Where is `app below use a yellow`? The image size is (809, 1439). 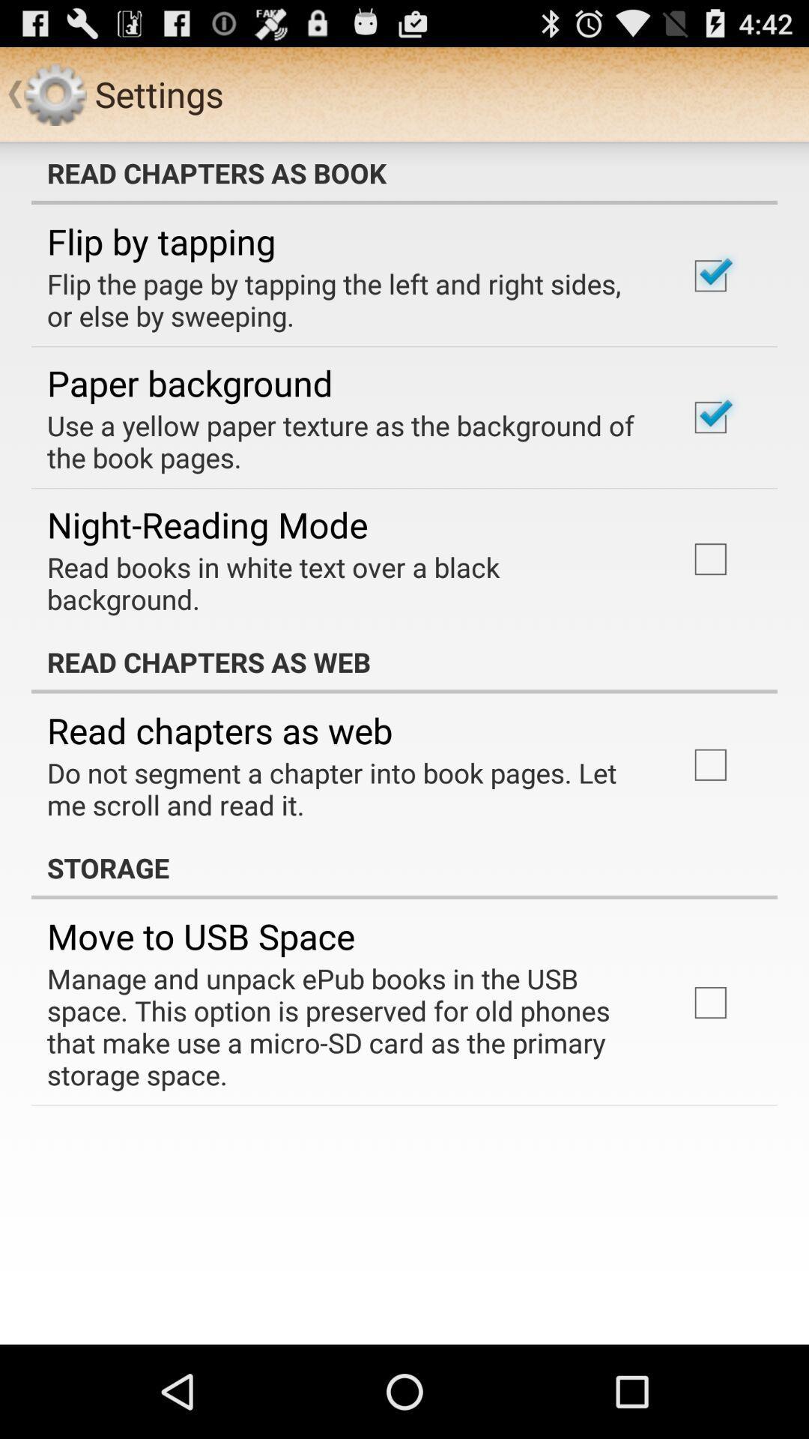
app below use a yellow is located at coordinates (207, 525).